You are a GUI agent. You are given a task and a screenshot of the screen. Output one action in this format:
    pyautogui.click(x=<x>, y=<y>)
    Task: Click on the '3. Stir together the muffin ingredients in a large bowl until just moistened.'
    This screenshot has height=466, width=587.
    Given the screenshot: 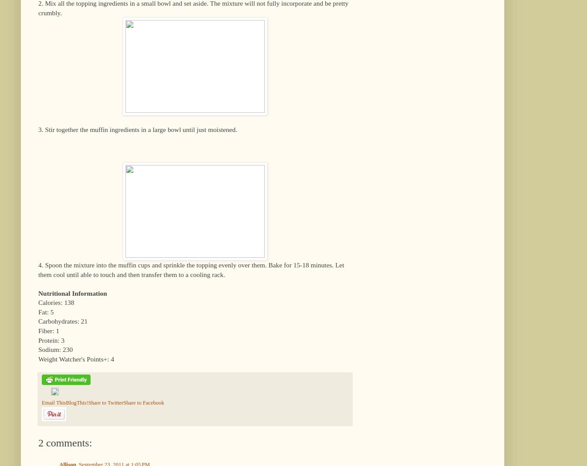 What is the action you would take?
    pyautogui.click(x=137, y=129)
    